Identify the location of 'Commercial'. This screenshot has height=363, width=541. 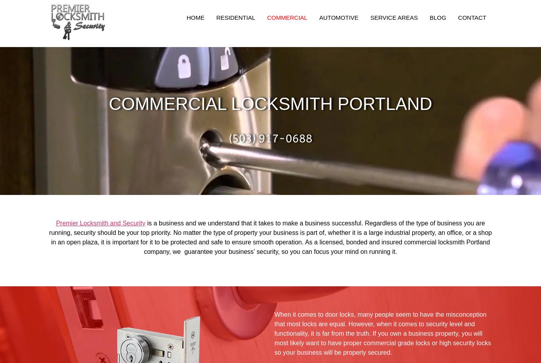
(287, 17).